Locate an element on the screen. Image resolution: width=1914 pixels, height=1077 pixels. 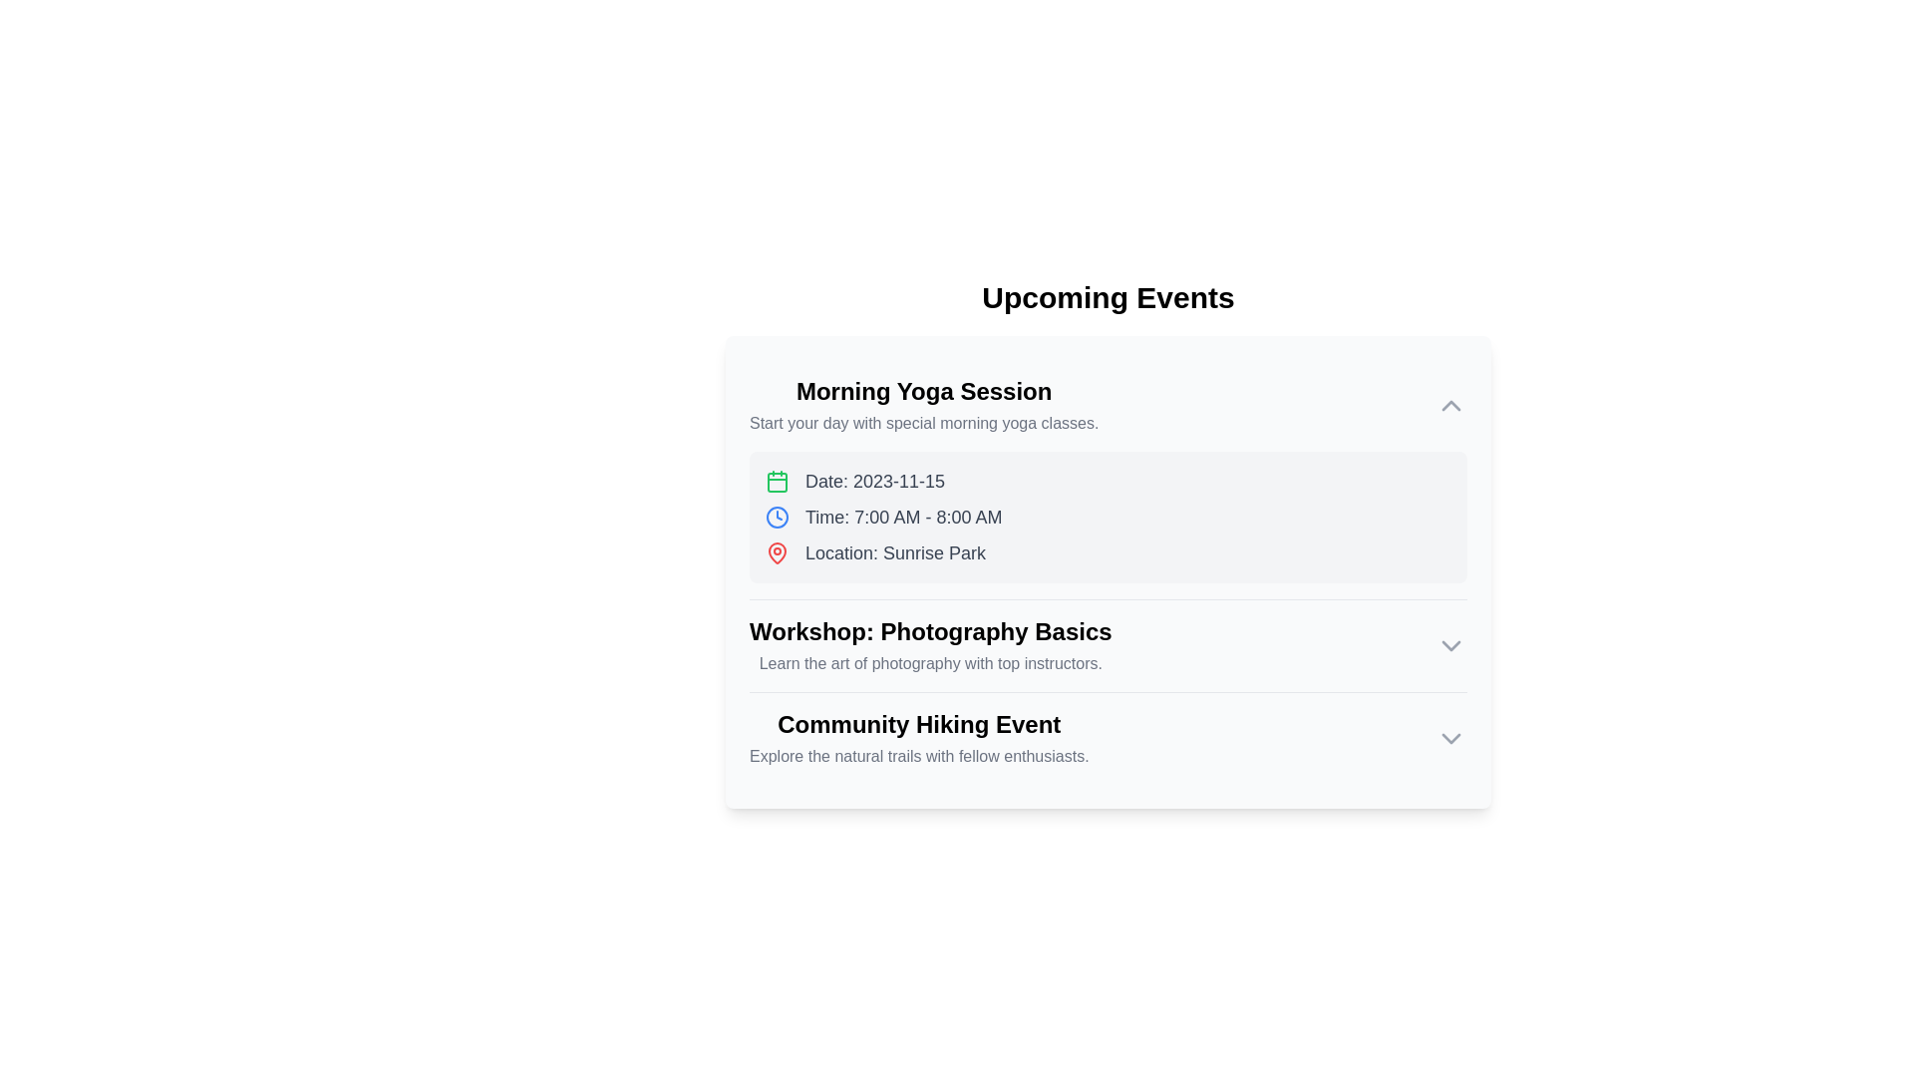
the downward-pointing chevron icon in the 'Community Hiking Event' section is located at coordinates (1450, 738).